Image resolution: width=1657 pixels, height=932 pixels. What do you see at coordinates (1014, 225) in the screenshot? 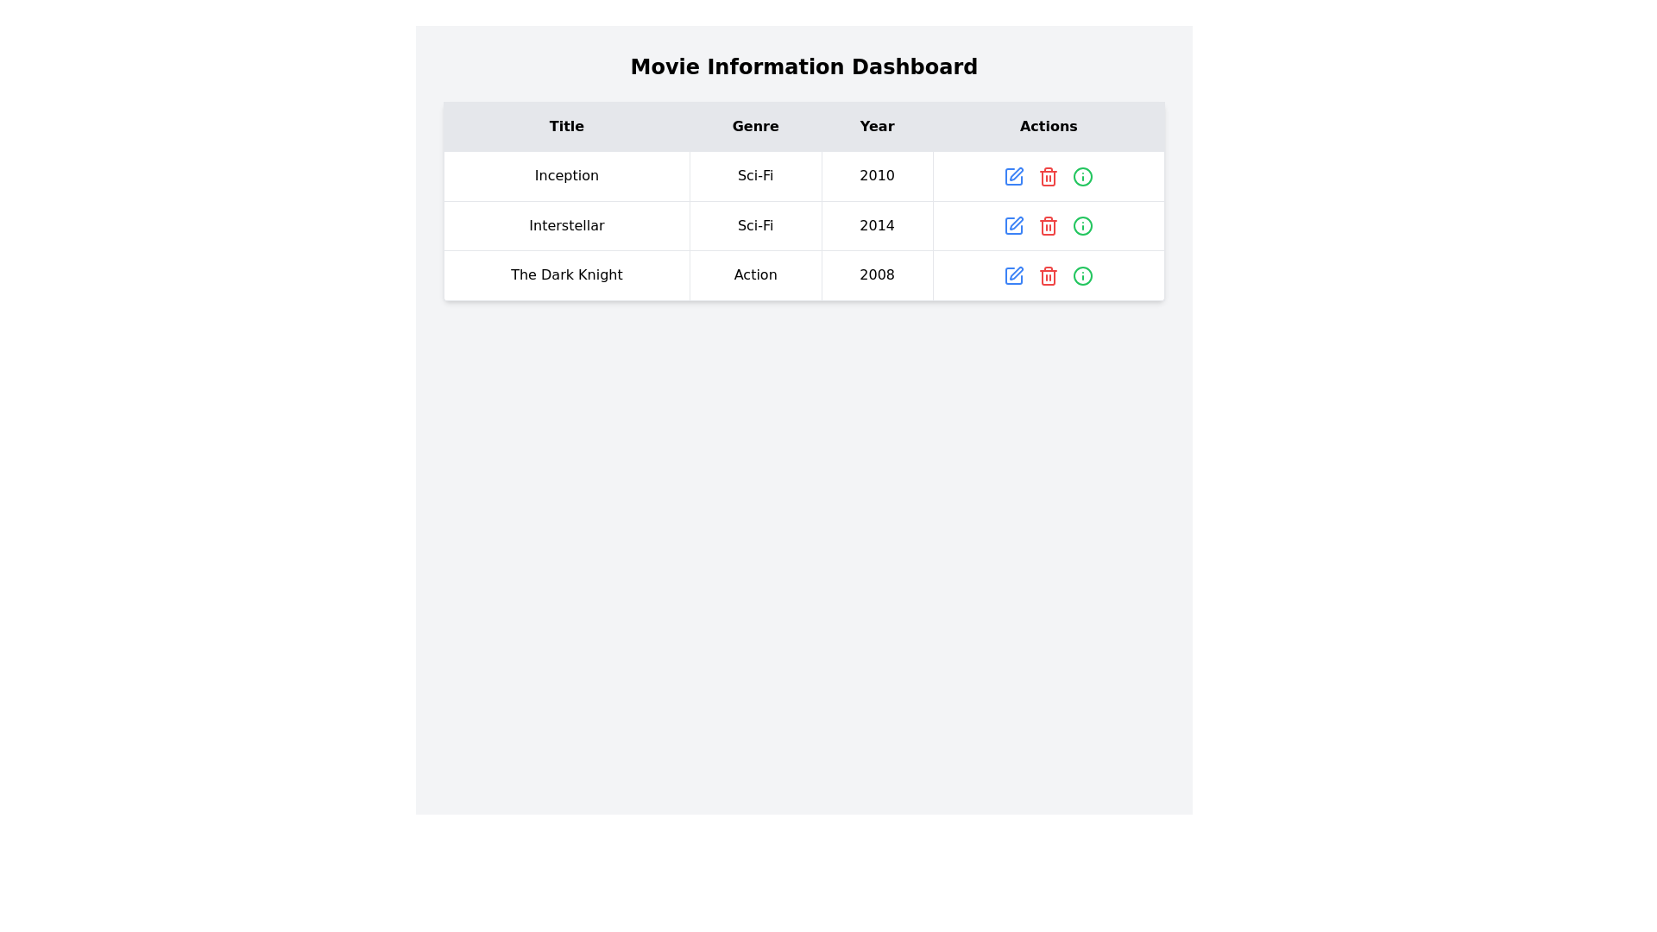
I see `the pen icon button within the Actions column of the second row to initiate editing` at bounding box center [1014, 225].